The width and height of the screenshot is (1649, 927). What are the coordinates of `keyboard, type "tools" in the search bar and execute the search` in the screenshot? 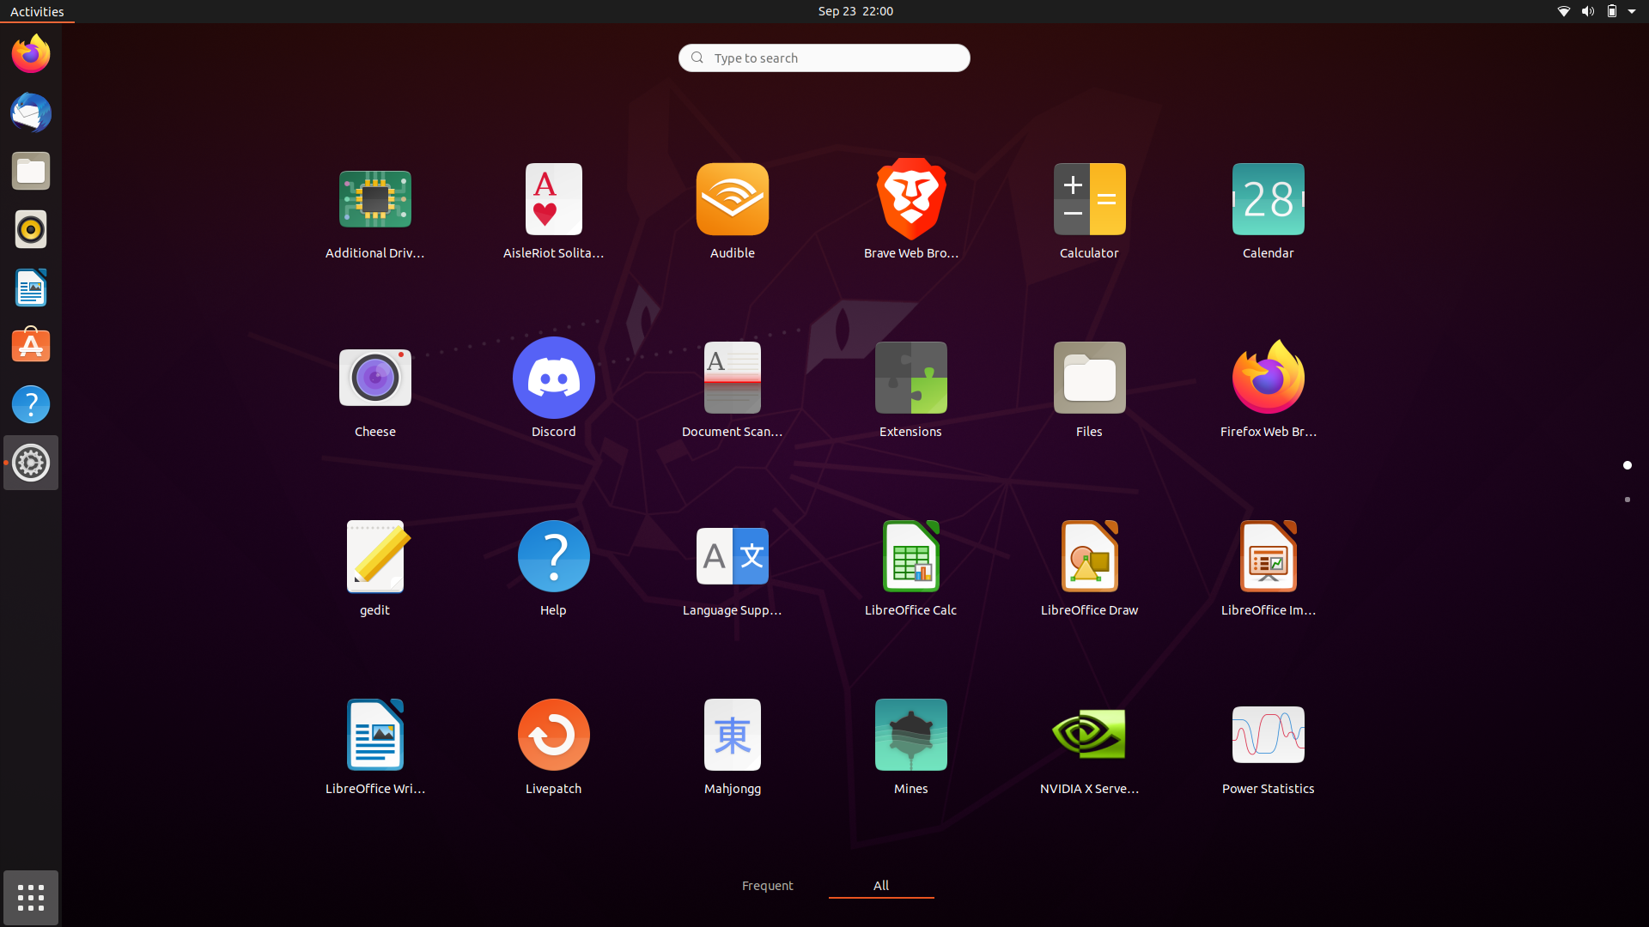 It's located at (823, 56).